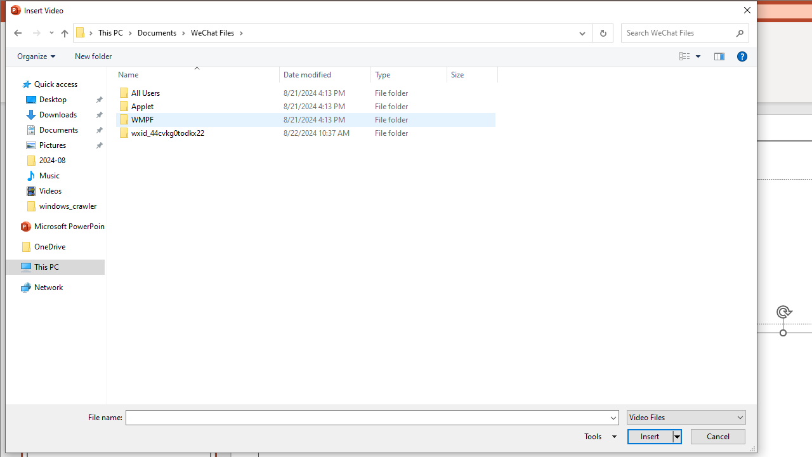  Describe the element at coordinates (601, 32) in the screenshot. I see `'Refresh "WeChat Files" (F5)'` at that location.